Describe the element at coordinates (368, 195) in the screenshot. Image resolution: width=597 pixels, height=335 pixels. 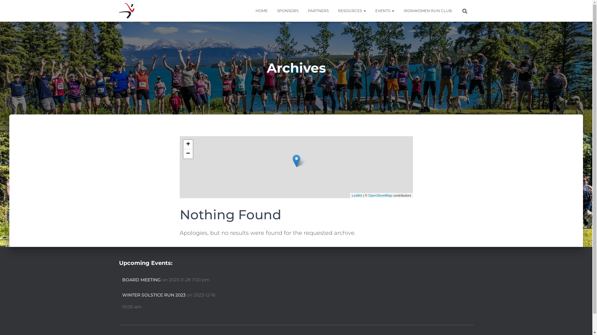
I see `'OpenStreetMap'` at that location.